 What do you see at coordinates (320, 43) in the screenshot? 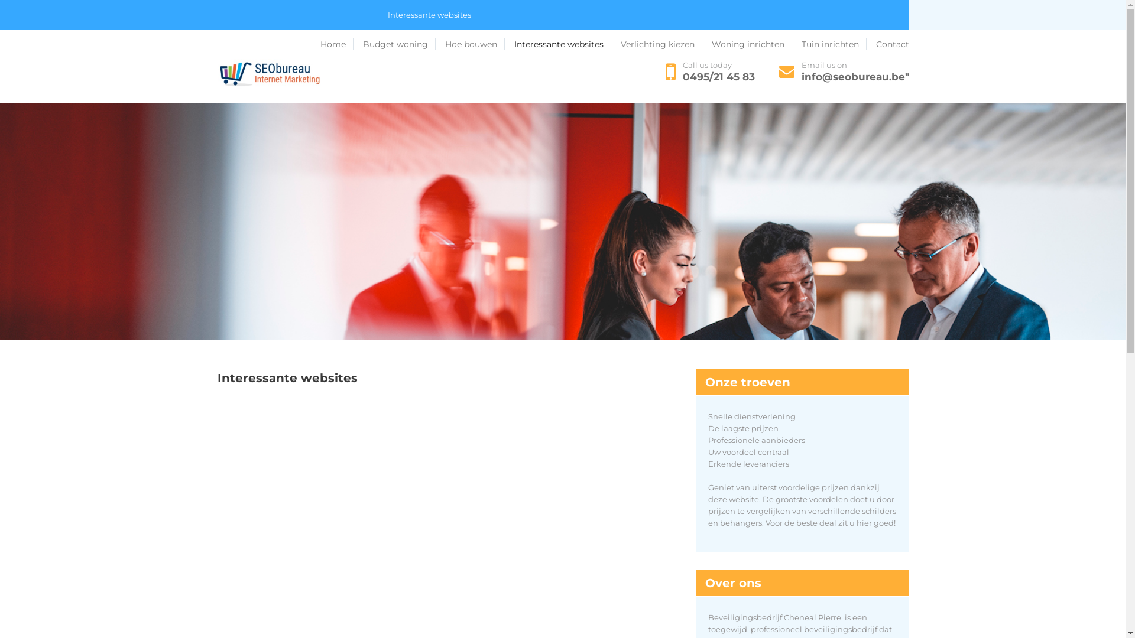
I see `'Home'` at bounding box center [320, 43].